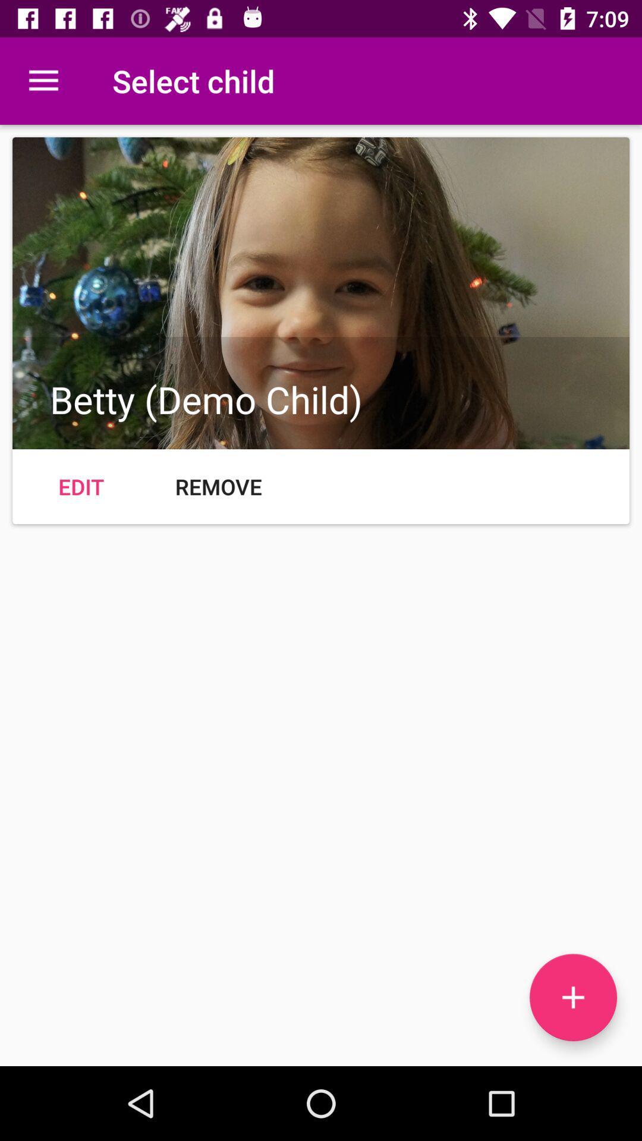 This screenshot has height=1141, width=642. Describe the element at coordinates (80, 487) in the screenshot. I see `icon next to remove icon` at that location.